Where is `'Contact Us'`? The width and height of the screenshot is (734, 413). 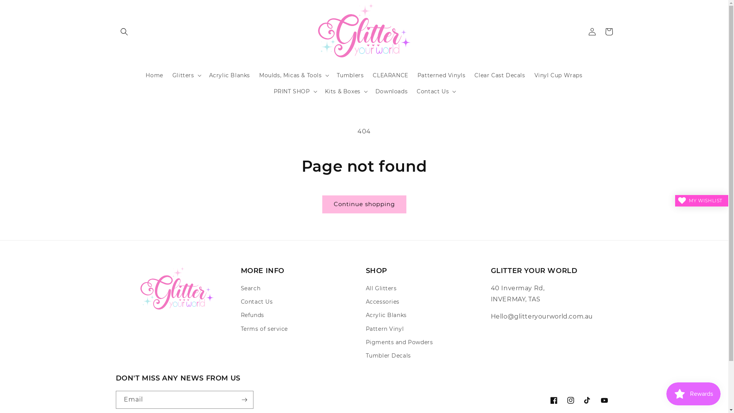
'Contact Us' is located at coordinates (257, 301).